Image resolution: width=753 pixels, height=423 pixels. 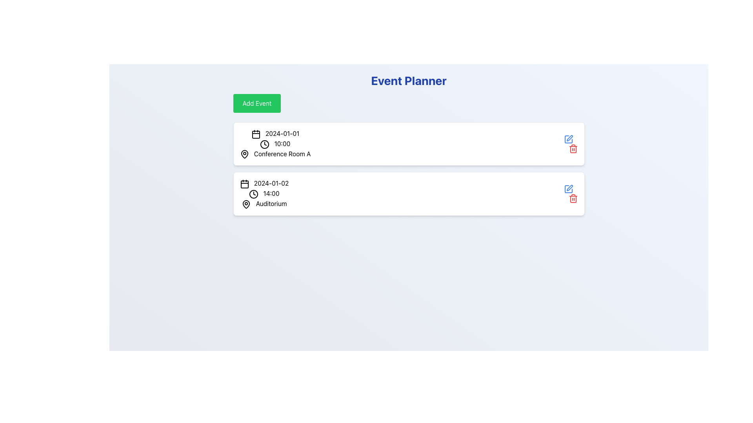 What do you see at coordinates (265, 144) in the screenshot?
I see `the minimalistic clock icon that is positioned to the left of the '10:00' text in the top event block` at bounding box center [265, 144].